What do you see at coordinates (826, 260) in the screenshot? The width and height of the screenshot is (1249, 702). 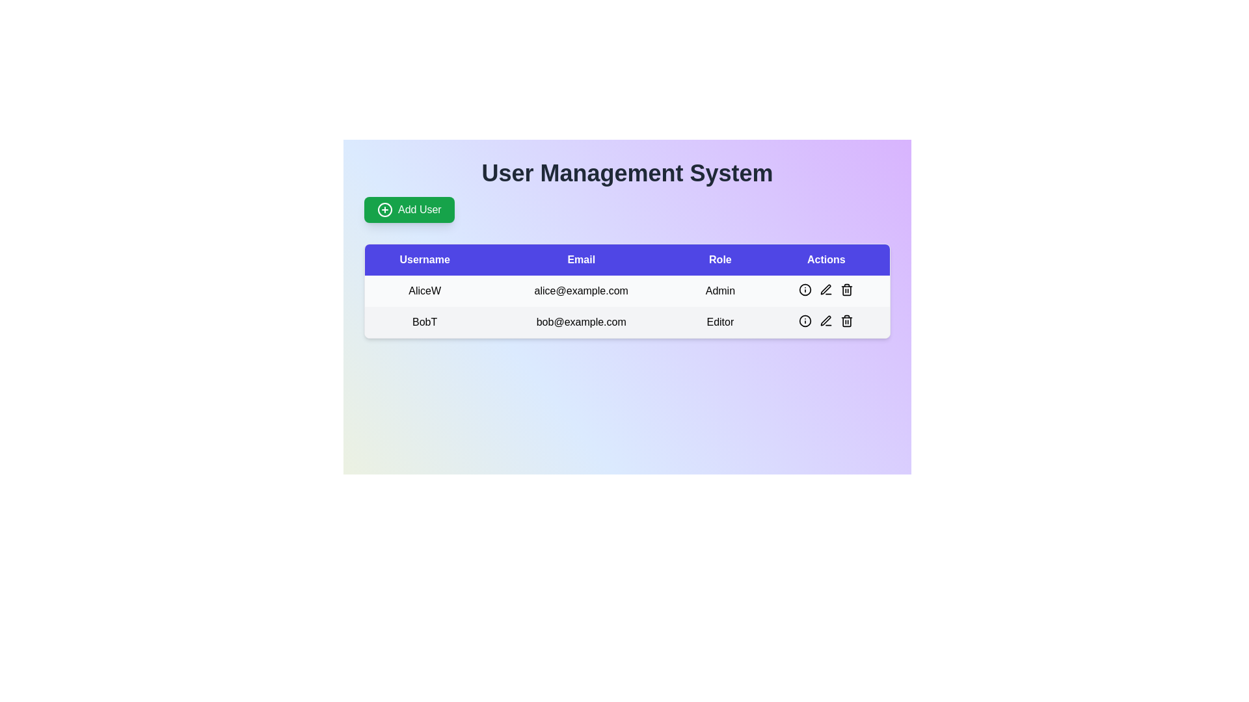 I see `the rightmost Text label header in the table, which indicates related actions for the cells beneath it` at bounding box center [826, 260].